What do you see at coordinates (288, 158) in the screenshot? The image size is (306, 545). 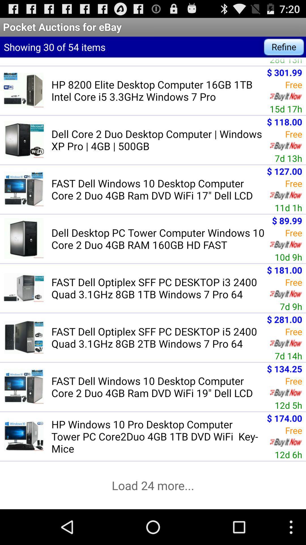 I see `icon to the right of dell core 2 icon` at bounding box center [288, 158].